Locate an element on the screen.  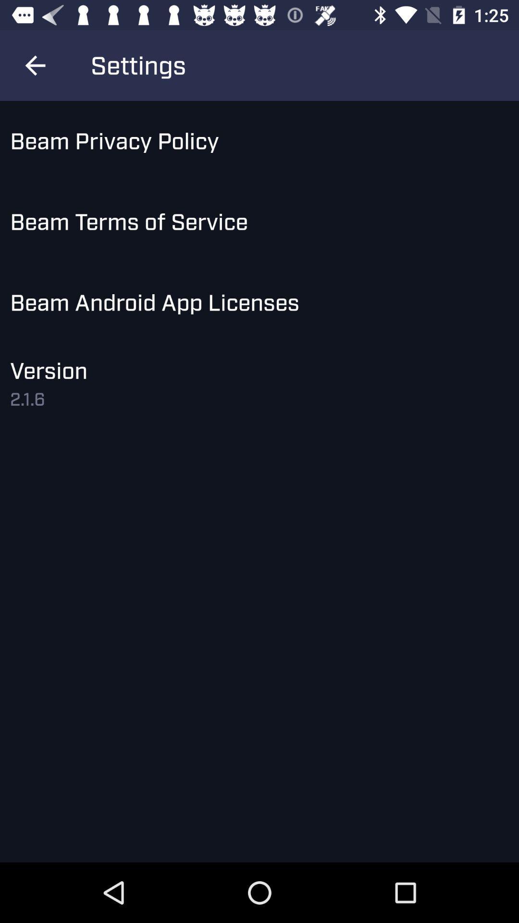
the item to the left of settings item is located at coordinates (35, 65).